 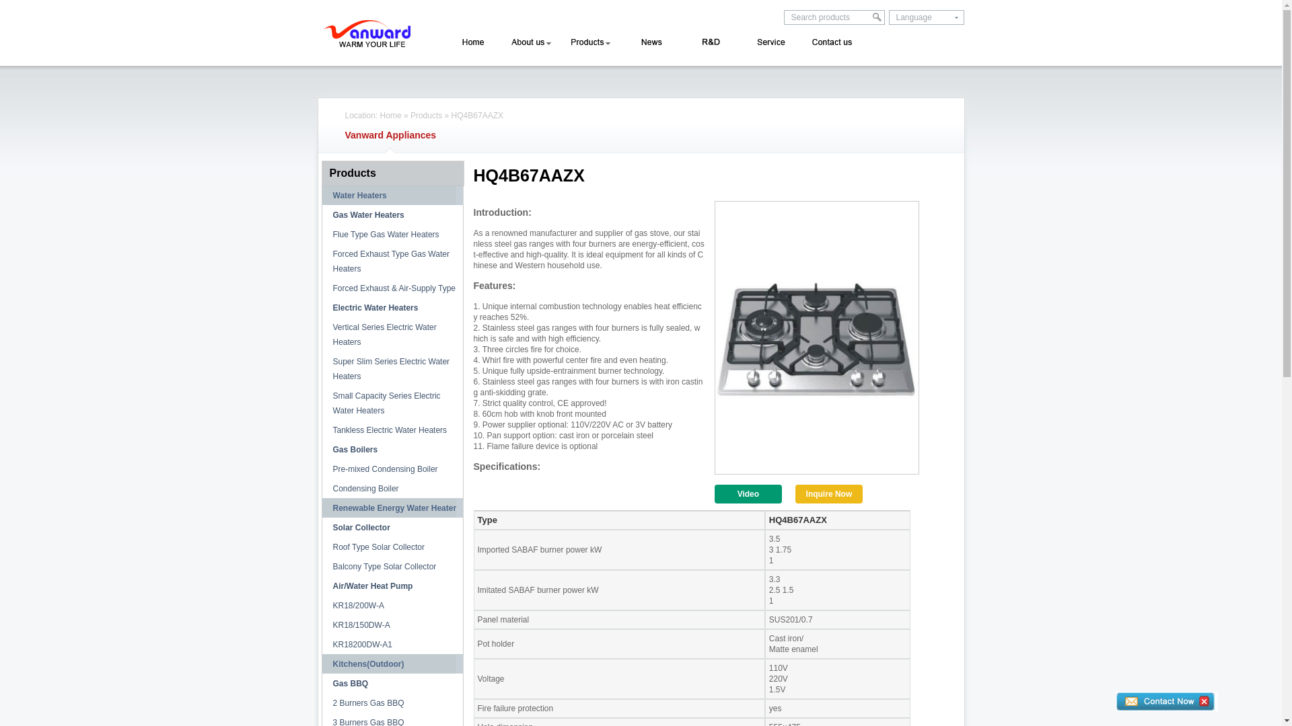 What do you see at coordinates (392, 333) in the screenshot?
I see `'Vertical Series Electric Water Heaters'` at bounding box center [392, 333].